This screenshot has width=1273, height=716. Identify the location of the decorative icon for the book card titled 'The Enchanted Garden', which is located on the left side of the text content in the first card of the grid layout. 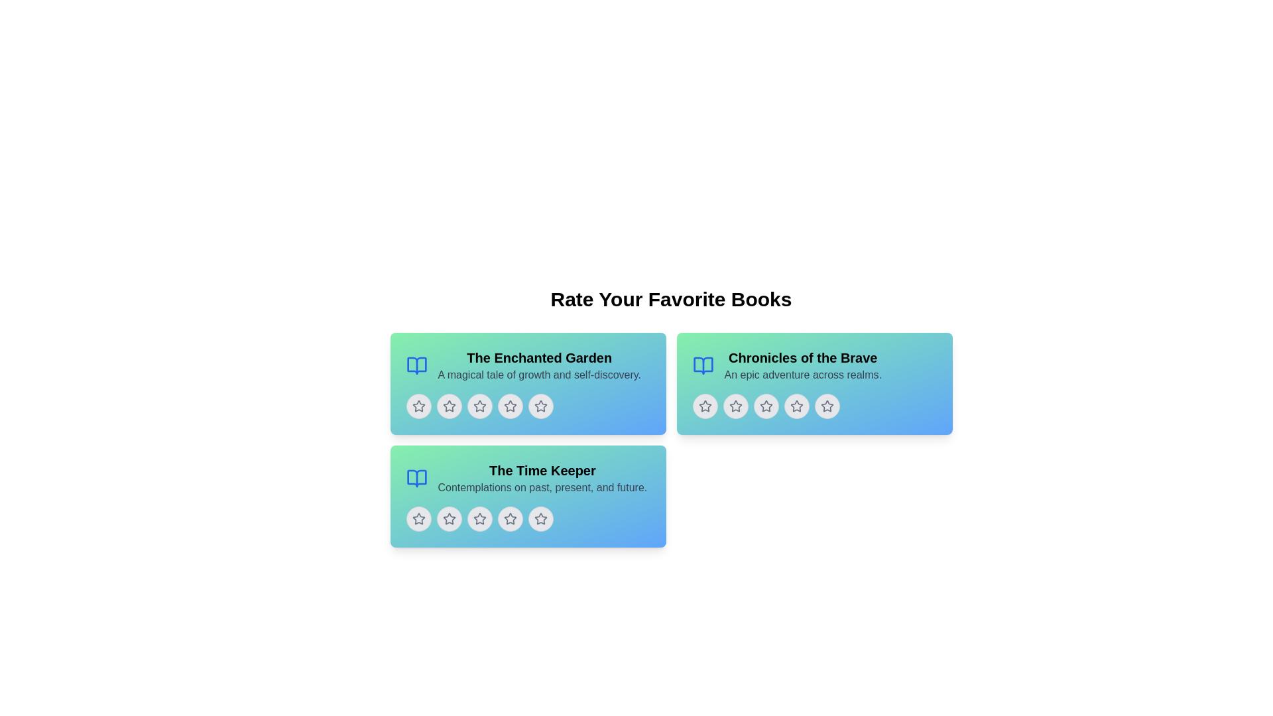
(416, 365).